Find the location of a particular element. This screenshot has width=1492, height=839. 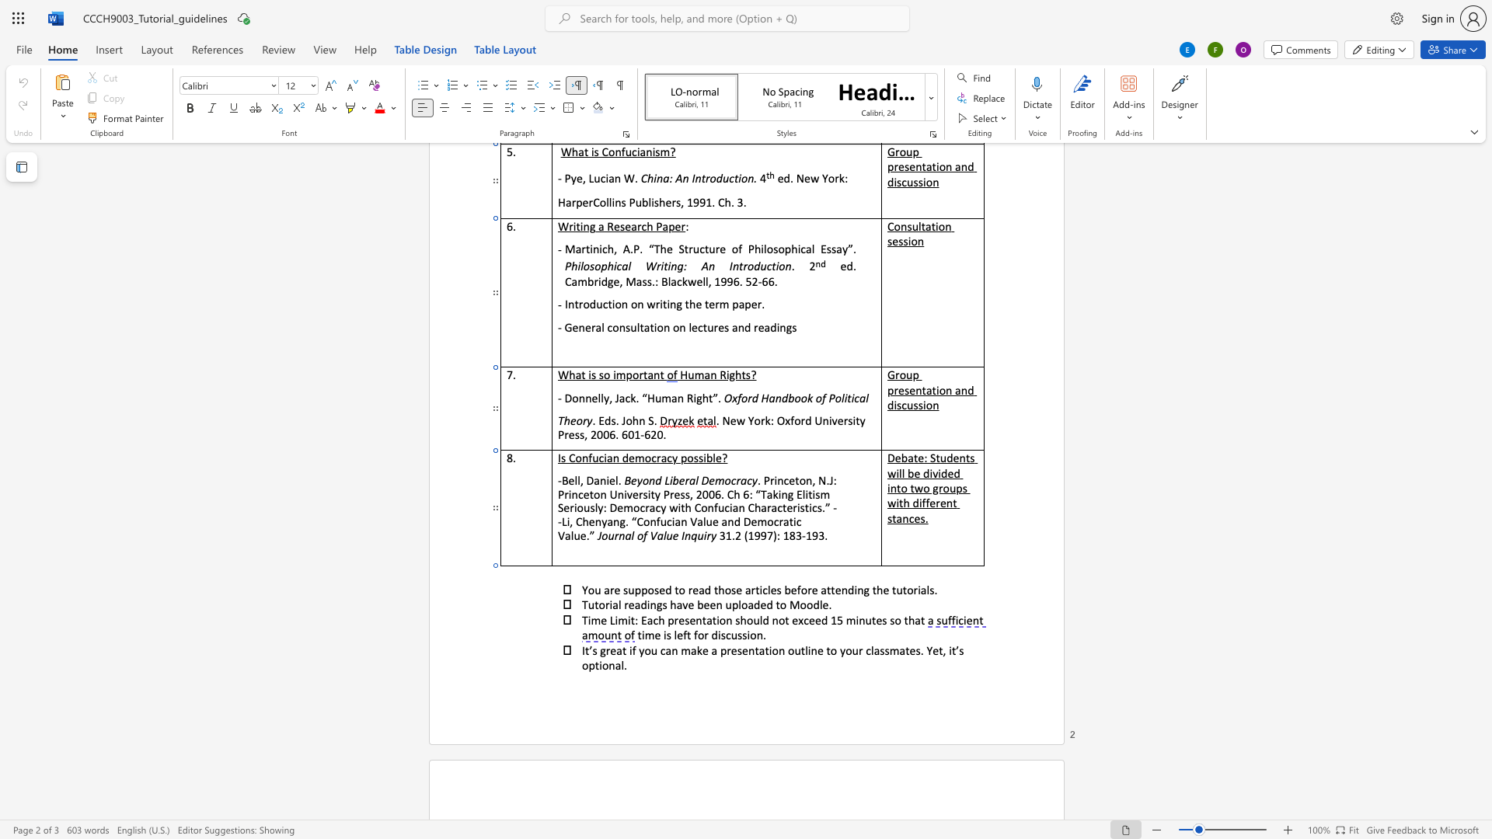

the space between the continuous character "-" and "1" in the text is located at coordinates (806, 534).